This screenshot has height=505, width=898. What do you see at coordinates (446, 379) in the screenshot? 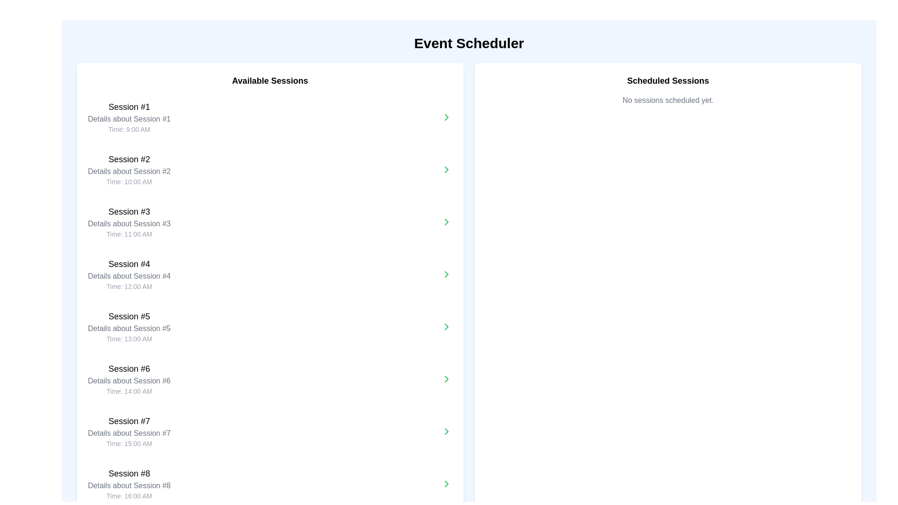
I see `the sixth chevron button in the 'Available Sessions' list` at bounding box center [446, 379].